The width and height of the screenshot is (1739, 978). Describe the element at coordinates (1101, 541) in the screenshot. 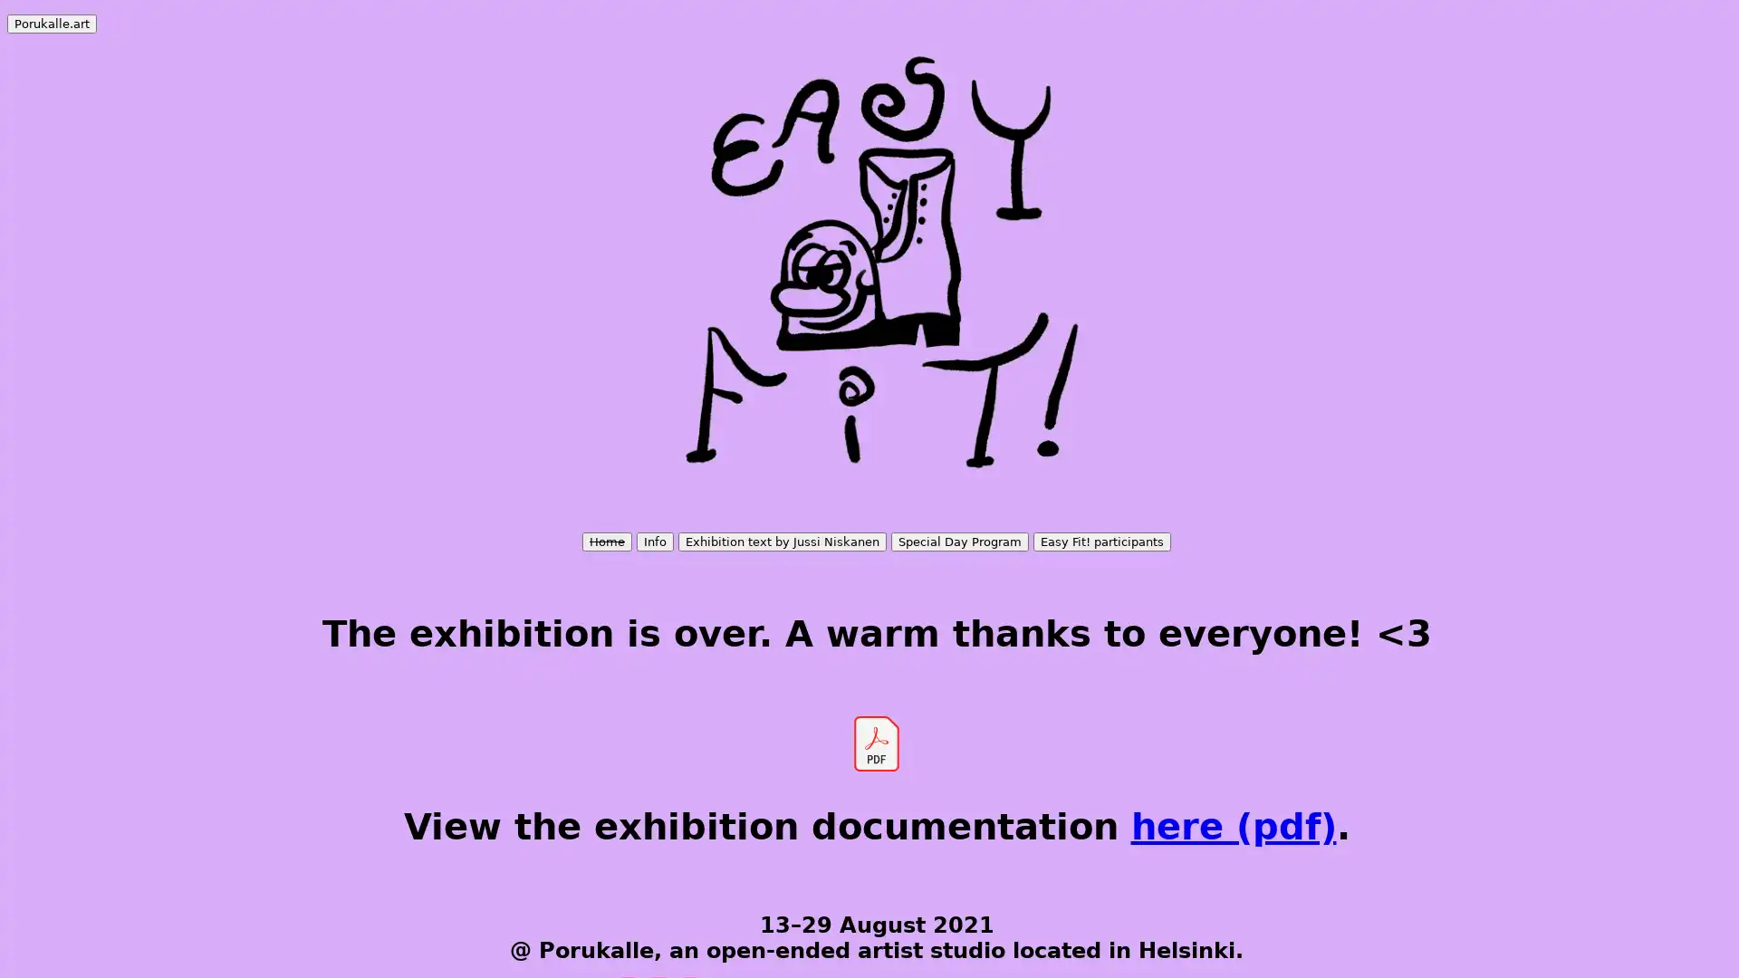

I see `Easy Fit! participants` at that location.